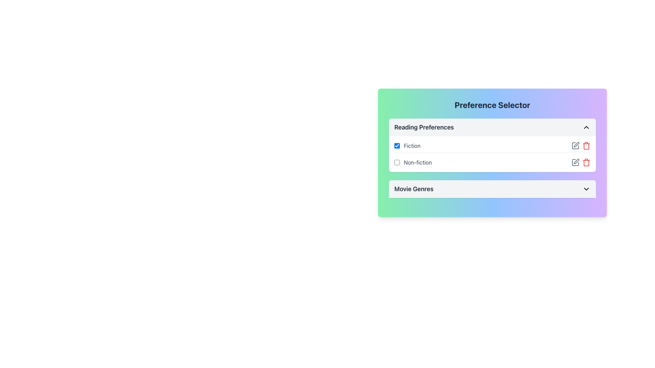 This screenshot has width=655, height=368. I want to click on the graphic design of the red shaded trash bin icon located on the right side of the 'Non-fiction' row in the 'Reading Preferences' section, so click(586, 163).